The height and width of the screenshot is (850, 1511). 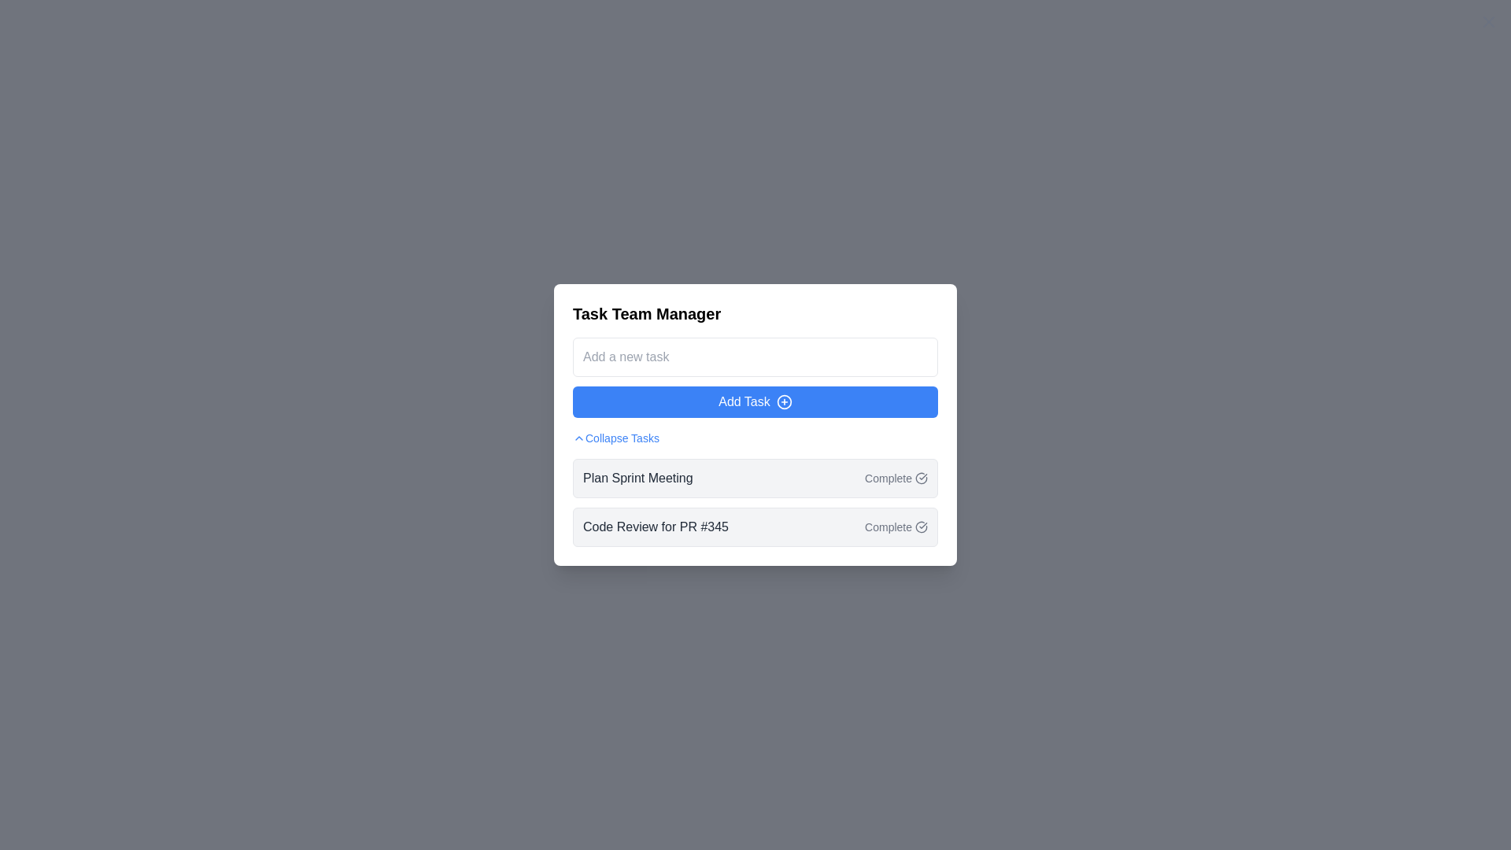 I want to click on the small upward arrow icon next to the 'Collapse Tasks' text, so click(x=578, y=438).